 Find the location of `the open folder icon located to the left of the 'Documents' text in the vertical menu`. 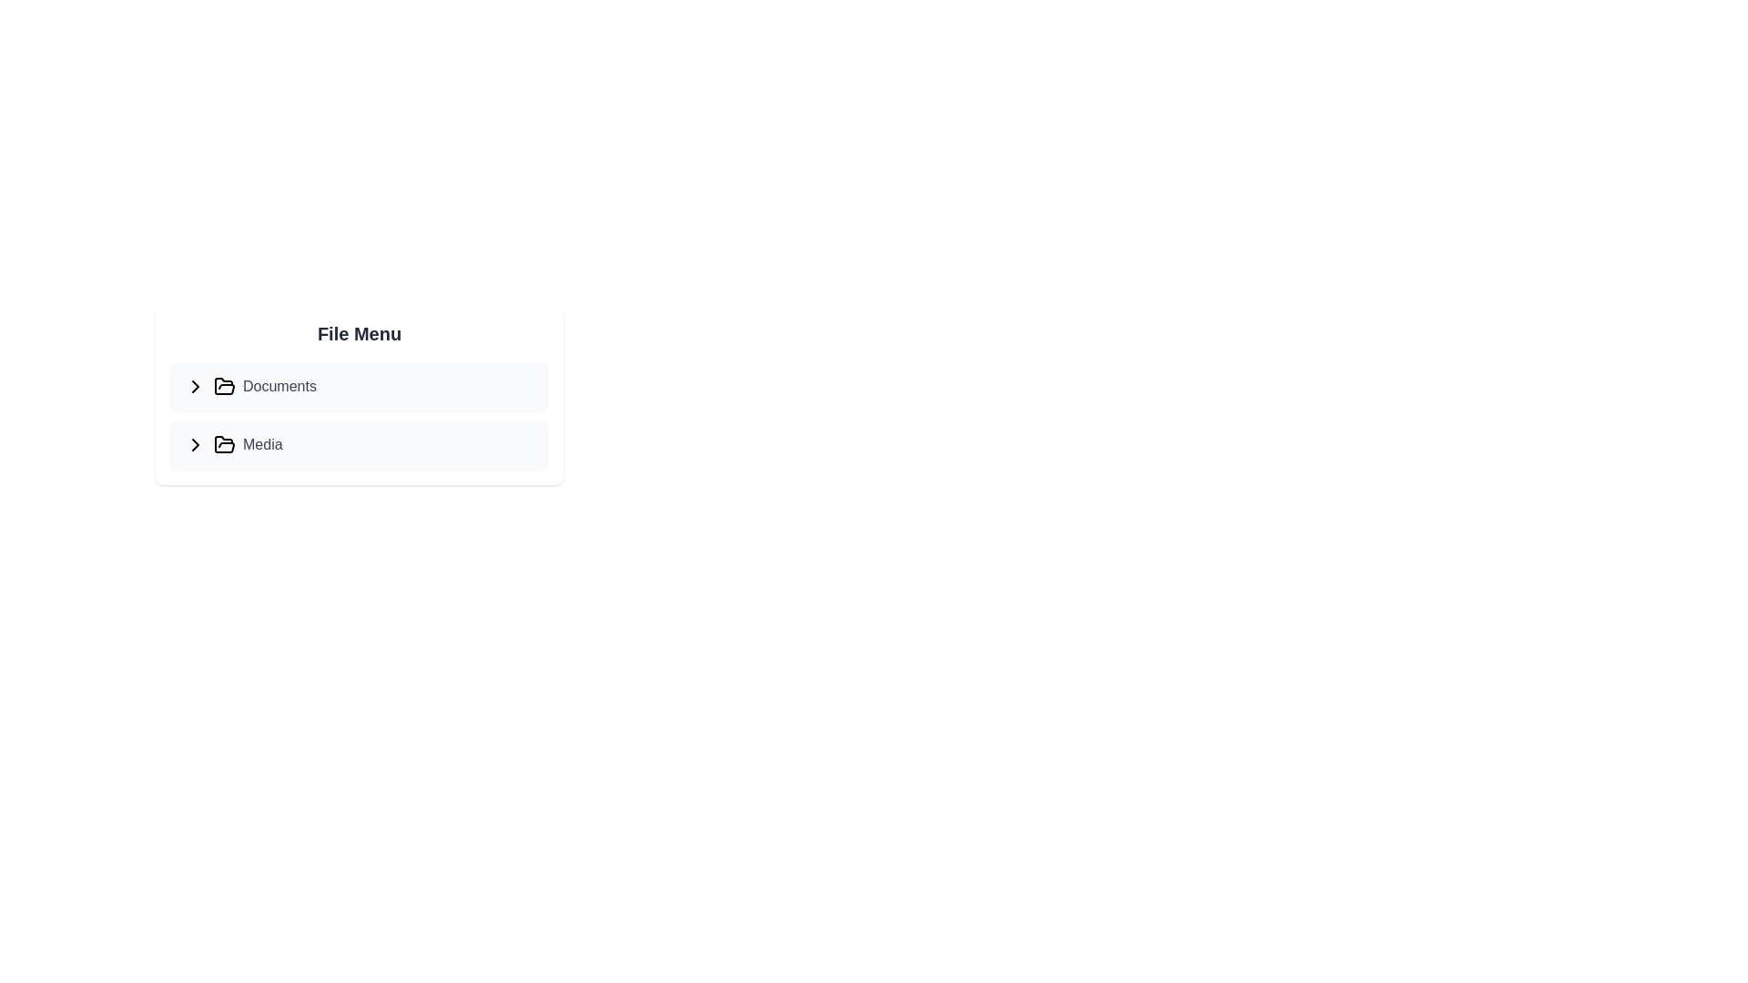

the open folder icon located to the left of the 'Documents' text in the vertical menu is located at coordinates (223, 385).